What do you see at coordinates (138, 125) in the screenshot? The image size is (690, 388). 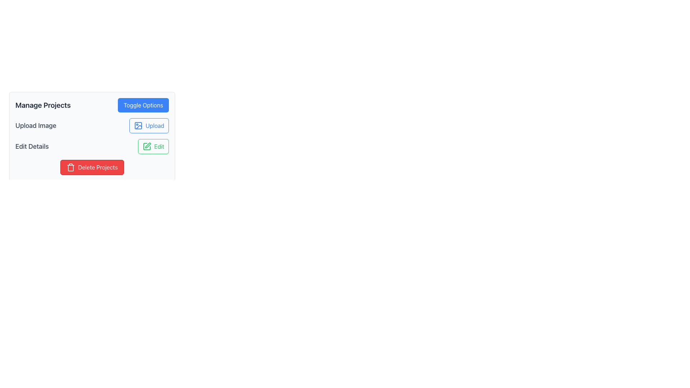 I see `the primary blue rectangle with rounded corners located within the image placeholder icon near the top-right corner of the 'Upload' button` at bounding box center [138, 125].